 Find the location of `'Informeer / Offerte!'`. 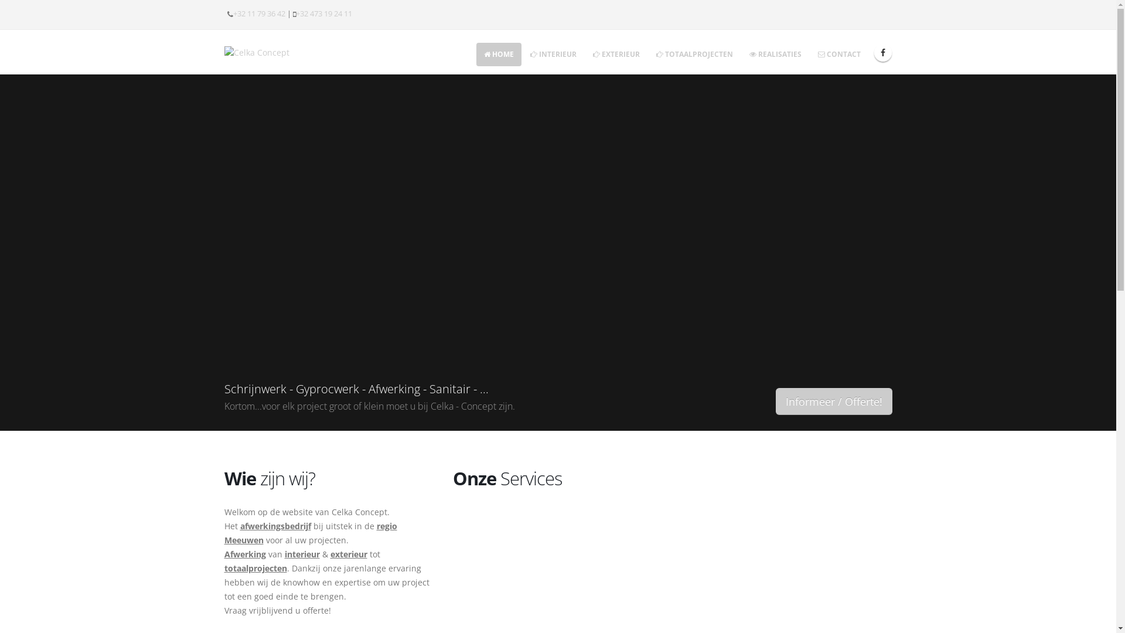

'Informeer / Offerte!' is located at coordinates (833, 401).